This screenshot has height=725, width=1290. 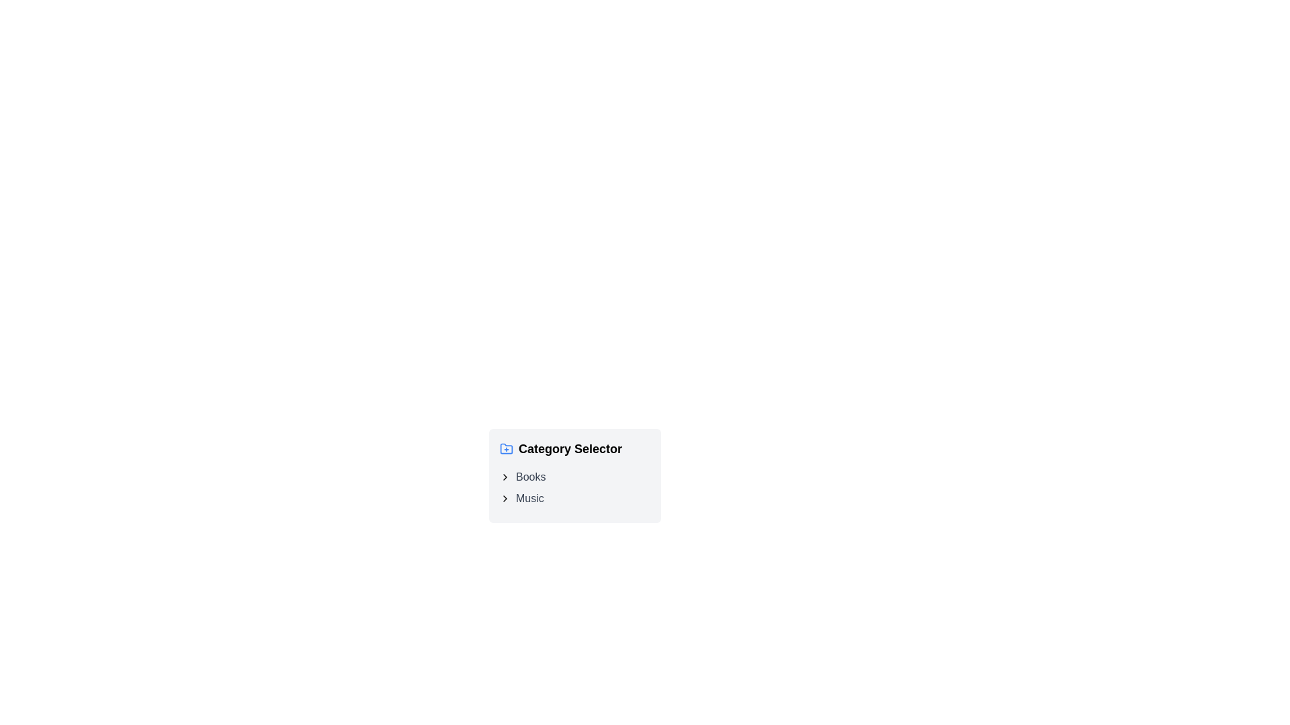 I want to click on the interactive chevron icon button, which is a right-oriented chevron-shaped arrow with a thin black outline, located to the left of the text 'Books' in a horizontal layout, so click(x=505, y=476).